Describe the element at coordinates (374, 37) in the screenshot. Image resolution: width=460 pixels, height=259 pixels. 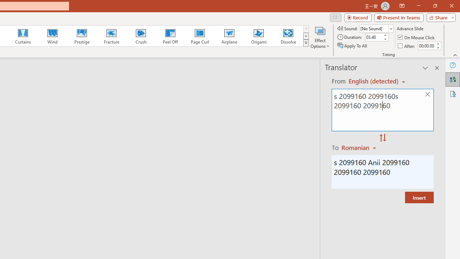
I see `'Duration'` at that location.